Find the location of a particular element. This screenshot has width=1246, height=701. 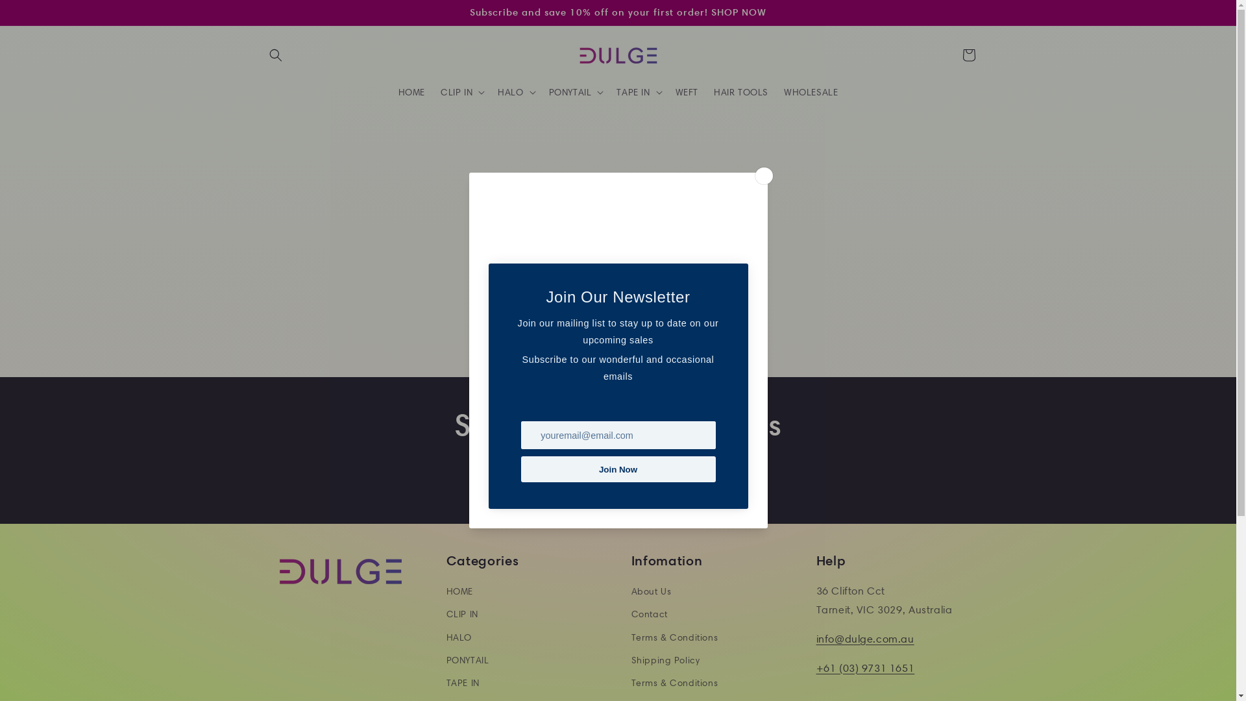

'info@dulge.com.au' is located at coordinates (815, 638).